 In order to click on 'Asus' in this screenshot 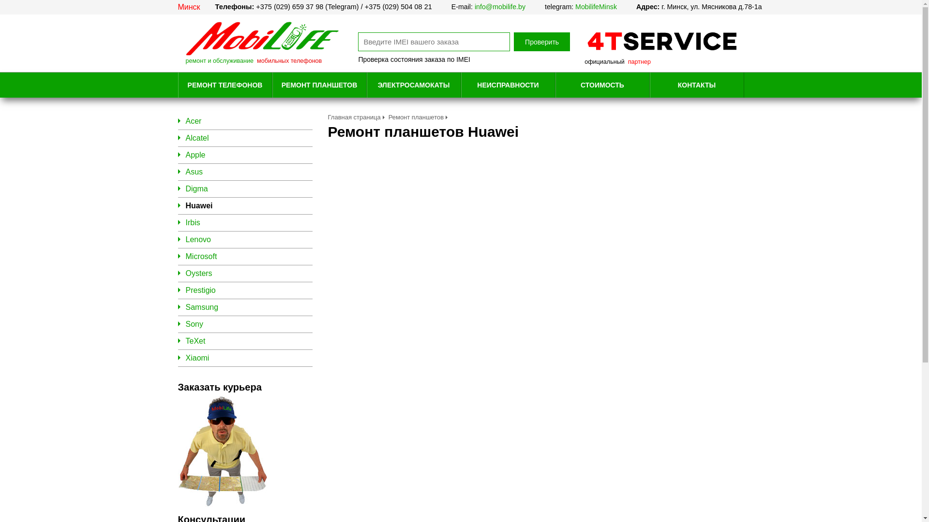, I will do `click(194, 171)`.